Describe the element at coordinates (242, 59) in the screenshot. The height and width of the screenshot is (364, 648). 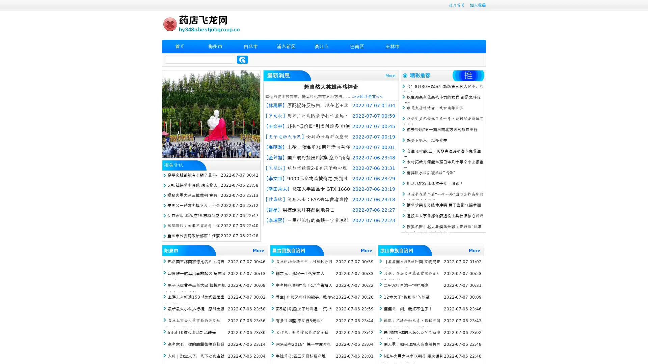
I see `Search` at that location.